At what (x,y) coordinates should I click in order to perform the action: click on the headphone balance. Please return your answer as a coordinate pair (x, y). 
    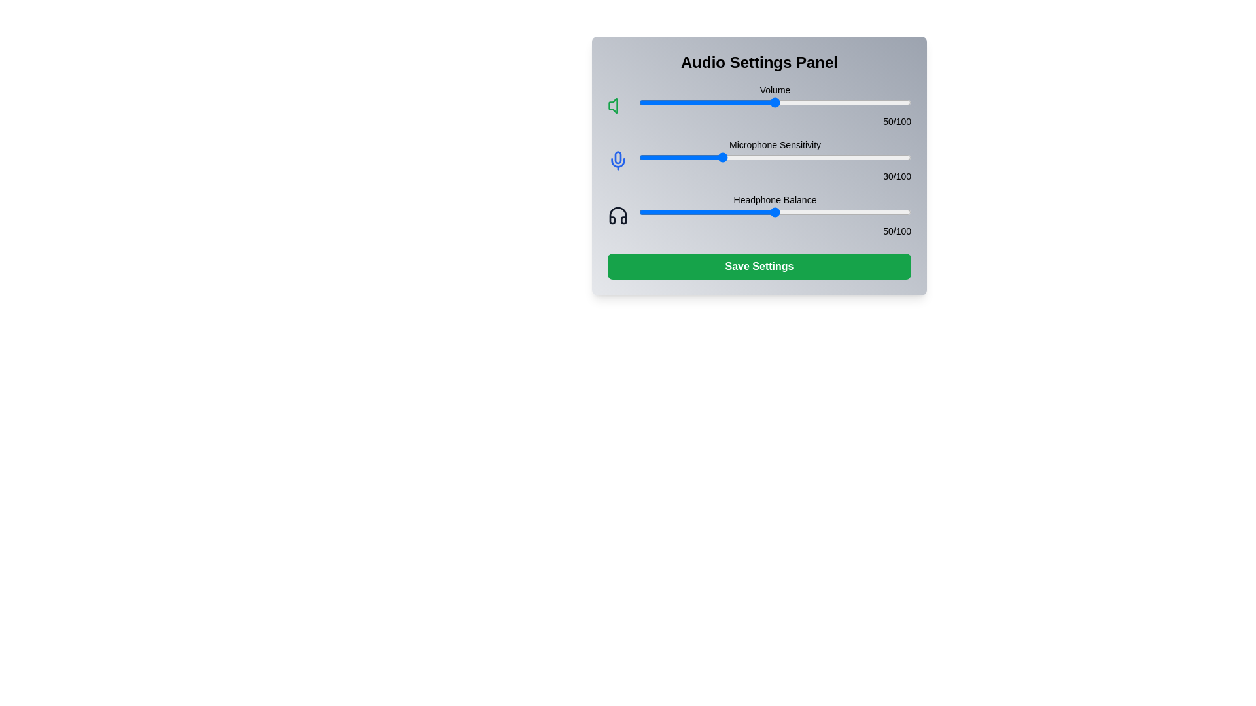
    Looking at the image, I should click on (905, 211).